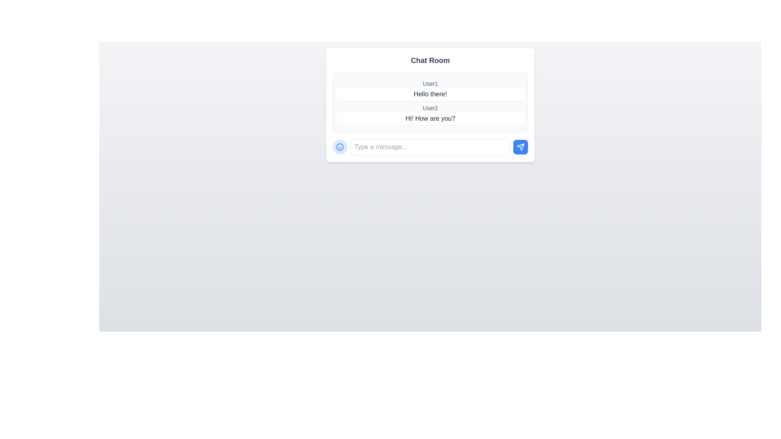 This screenshot has height=439, width=781. What do you see at coordinates (430, 90) in the screenshot?
I see `the chat message bubble containing 'User1' at the top and 'Hello there!' below it, which has a light gray background and rounded corners` at bounding box center [430, 90].